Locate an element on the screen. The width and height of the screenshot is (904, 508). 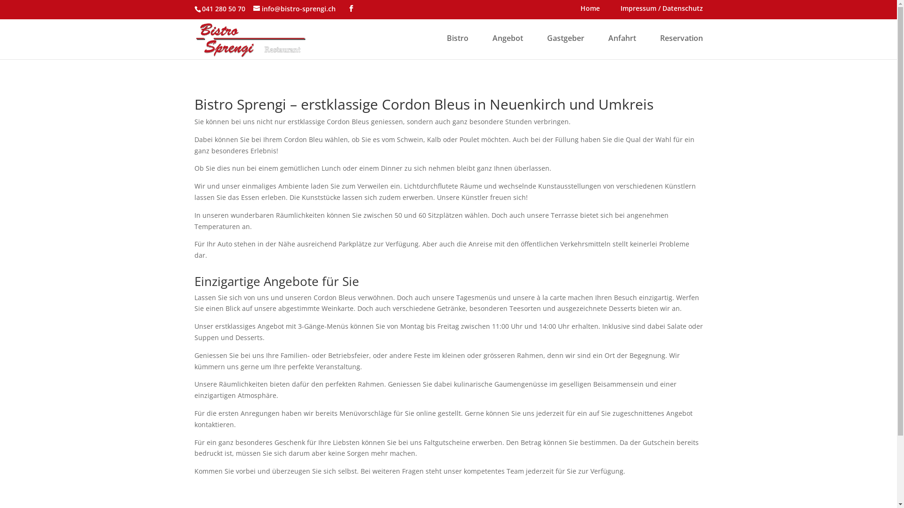
'Angebot' is located at coordinates (507, 46).